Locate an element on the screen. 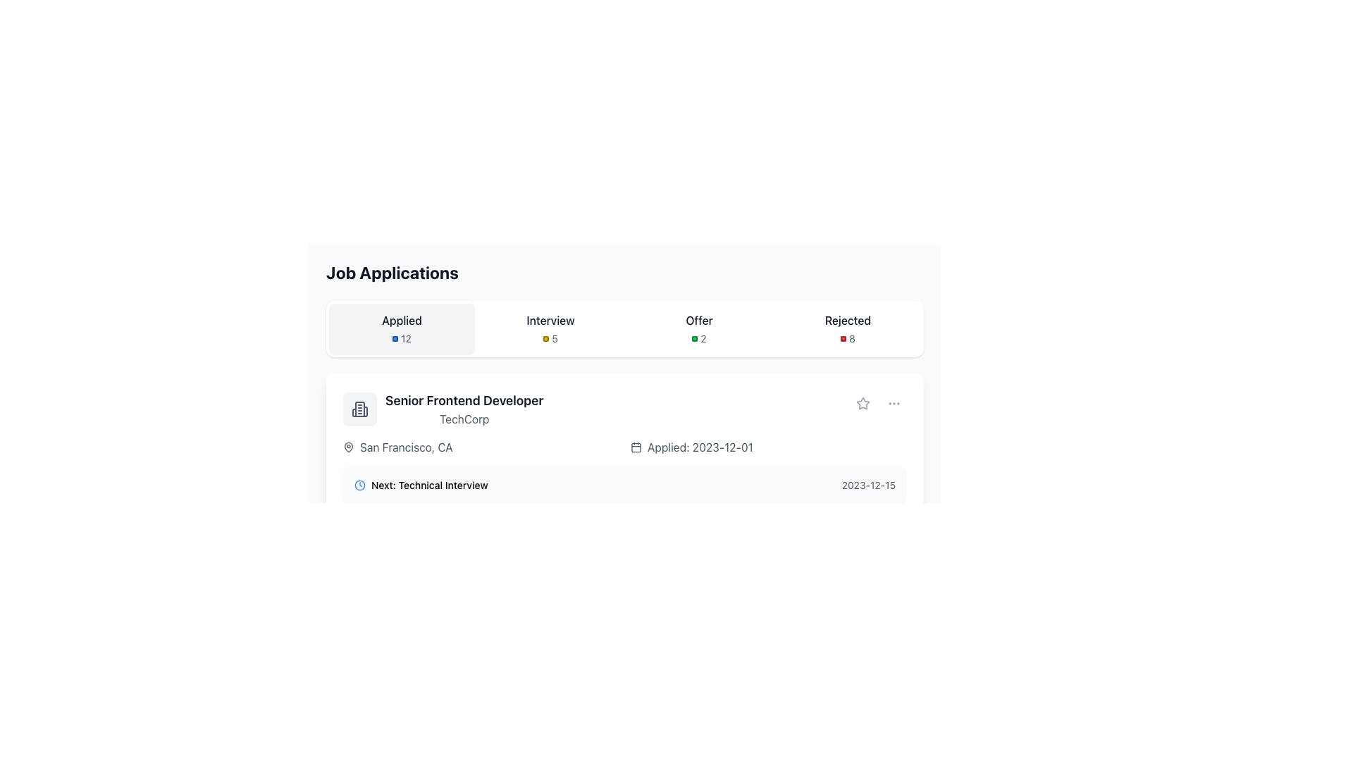 Image resolution: width=1353 pixels, height=761 pixels. the Text label that displays 'Next: Technical Interview,' which is styled with a medium-sized font and colored in black, positioned to the right of a small clock icon is located at coordinates (428, 485).